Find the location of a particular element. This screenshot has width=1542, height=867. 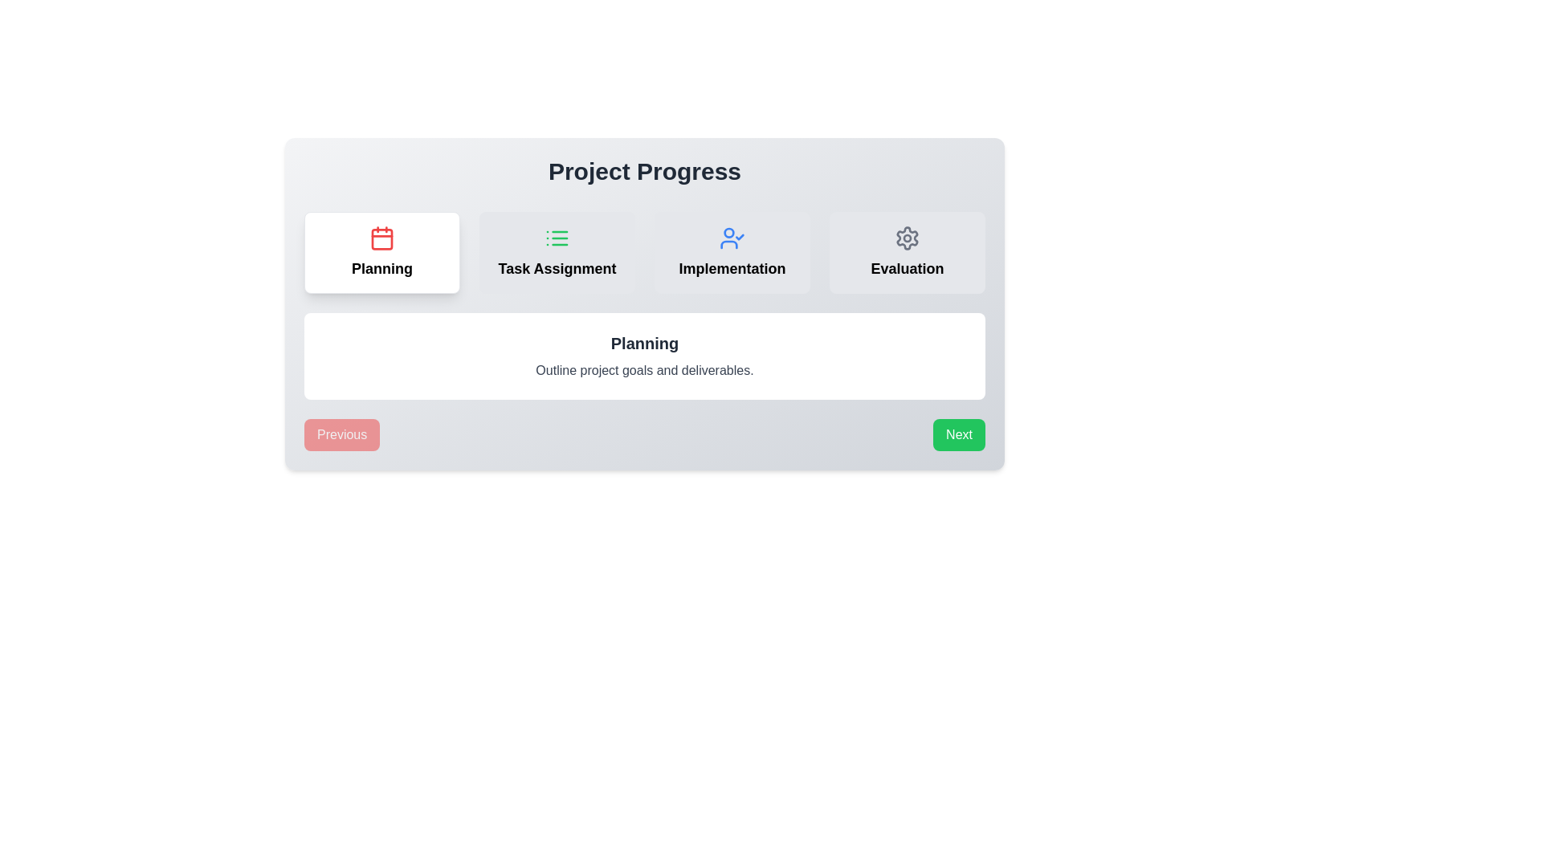

the interactive card titled 'Evaluation', which is a rectangular card with a light gray background and a gear icon at the top is located at coordinates (907, 253).